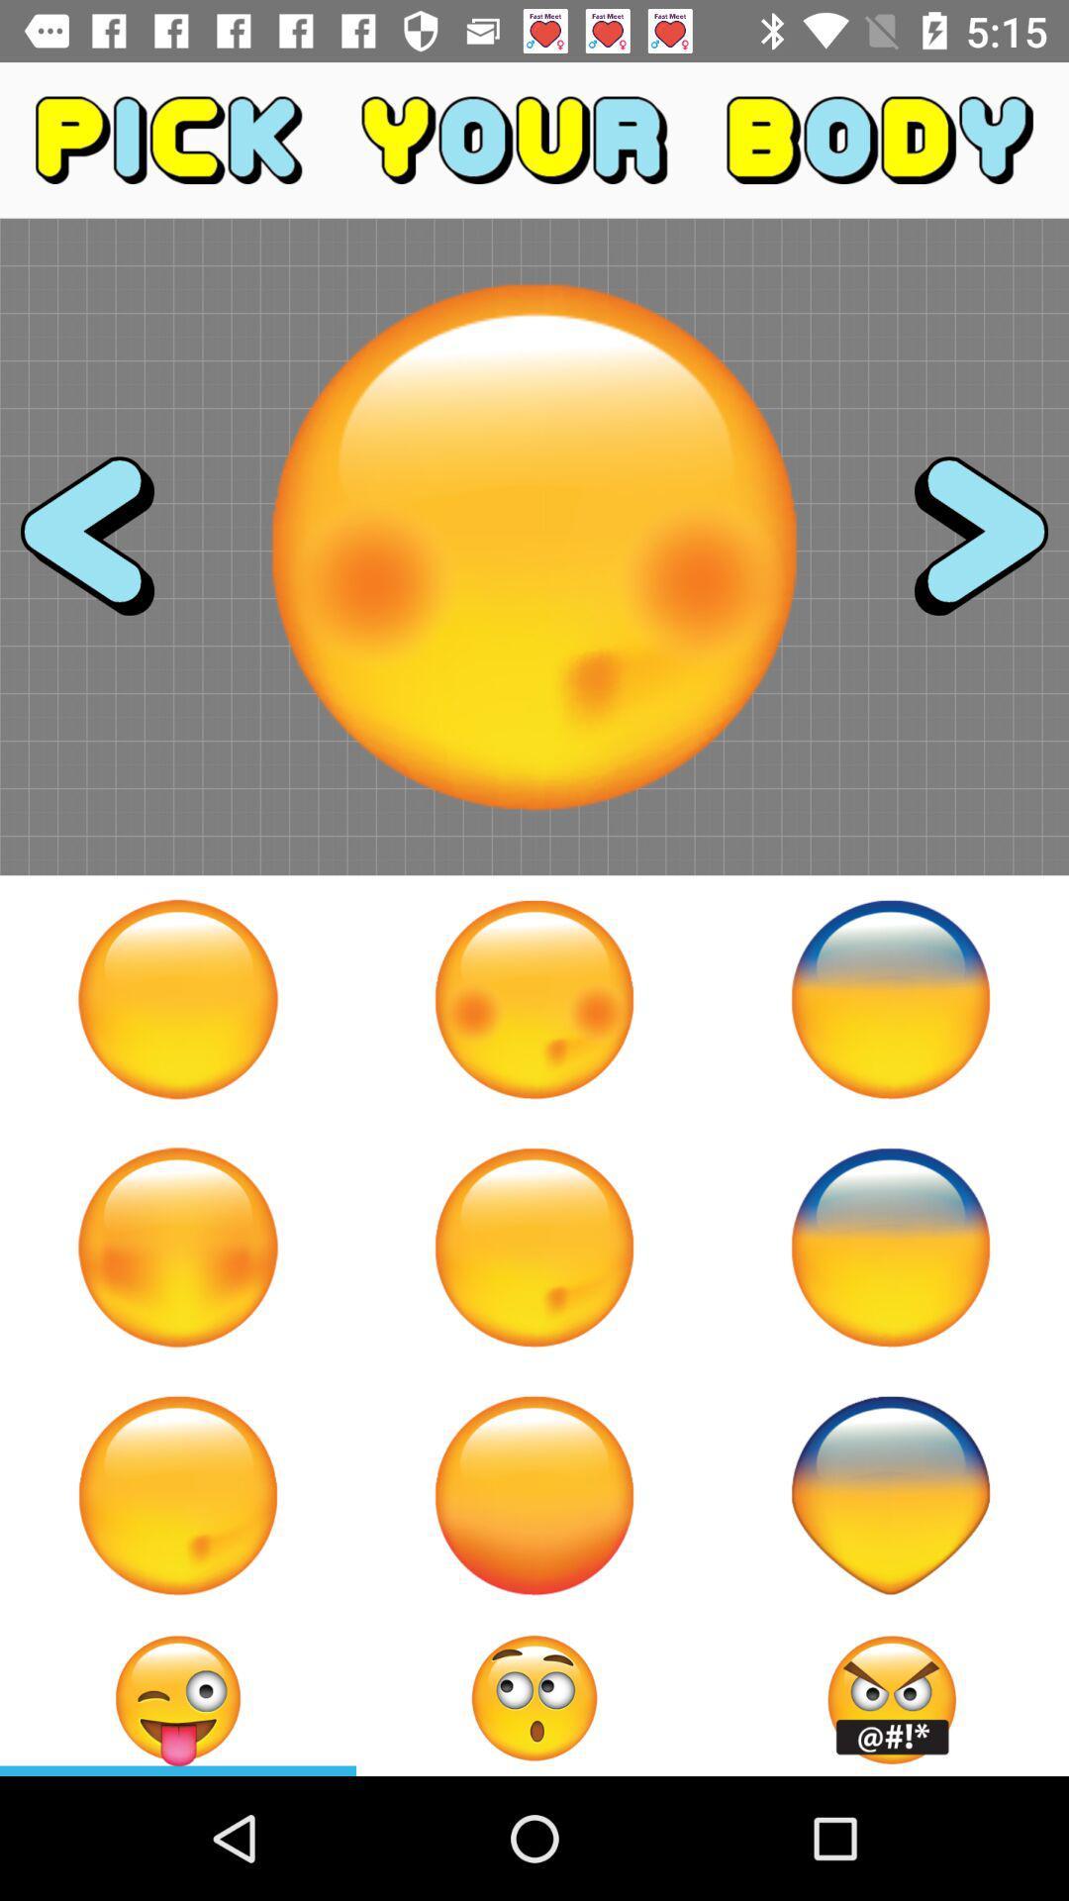 The width and height of the screenshot is (1069, 1901). Describe the element at coordinates (962, 547) in the screenshot. I see `the next button` at that location.